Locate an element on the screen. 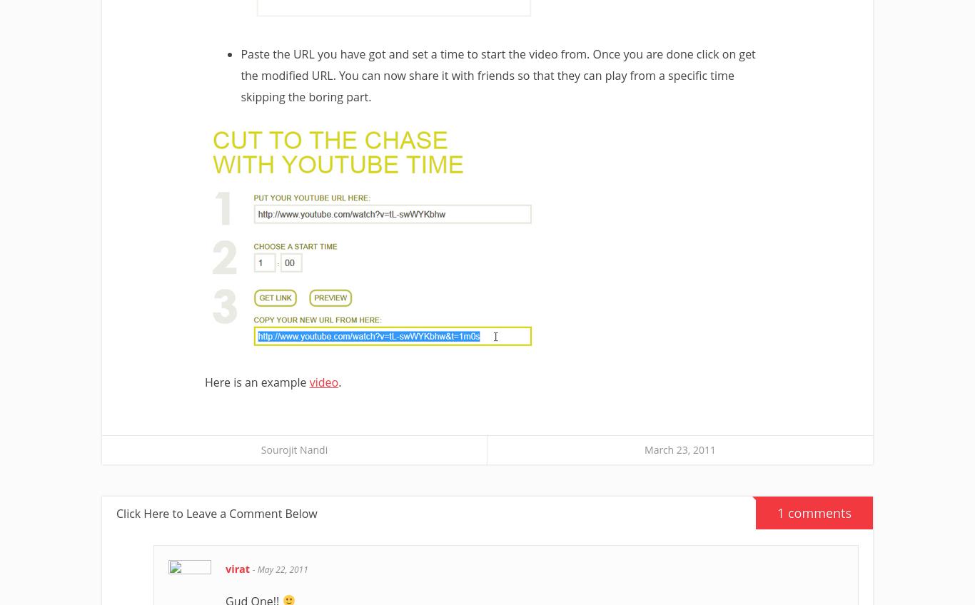 The height and width of the screenshot is (605, 975). '-' is located at coordinates (253, 569).